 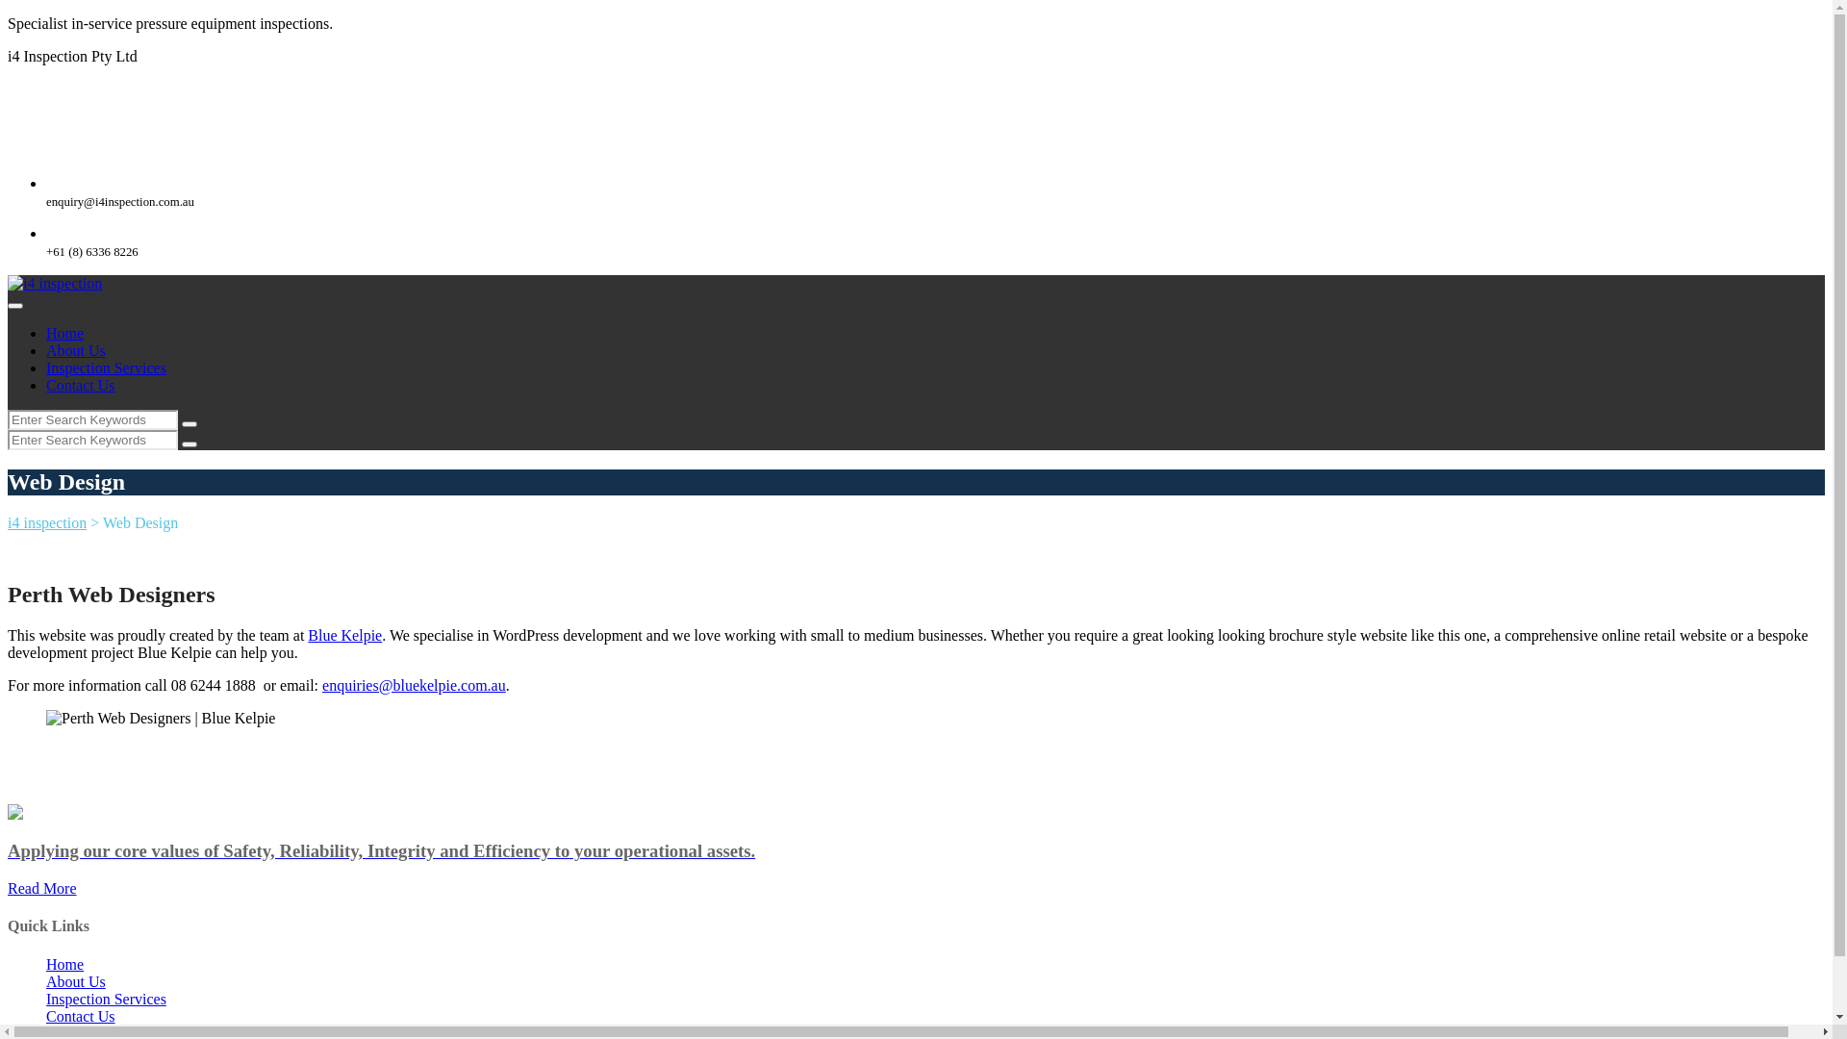 What do you see at coordinates (79, 1015) in the screenshot?
I see `'Contact Us'` at bounding box center [79, 1015].